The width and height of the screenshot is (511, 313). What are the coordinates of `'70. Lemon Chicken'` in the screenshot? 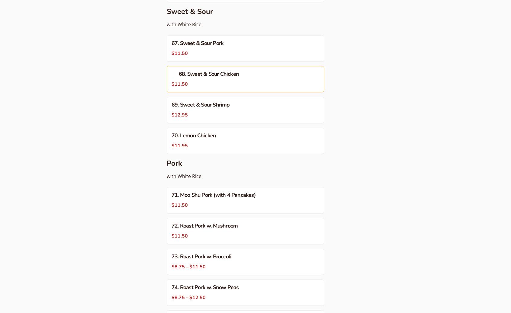 It's located at (194, 135).